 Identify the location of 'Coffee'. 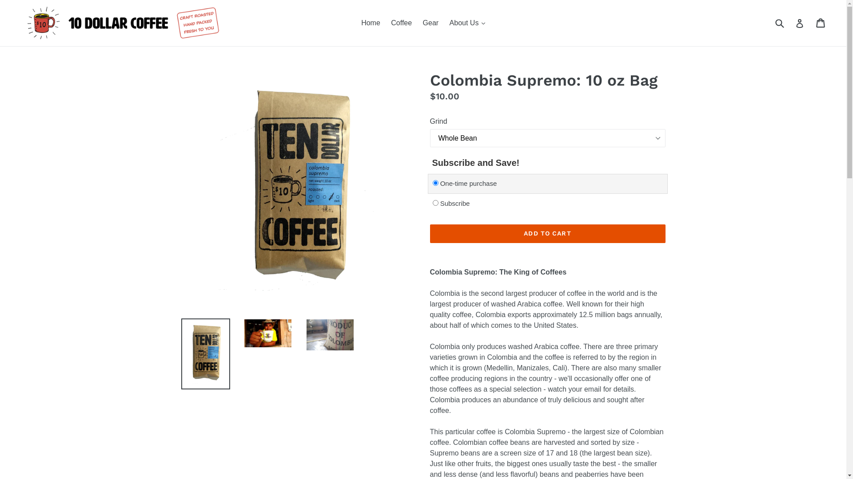
(401, 22).